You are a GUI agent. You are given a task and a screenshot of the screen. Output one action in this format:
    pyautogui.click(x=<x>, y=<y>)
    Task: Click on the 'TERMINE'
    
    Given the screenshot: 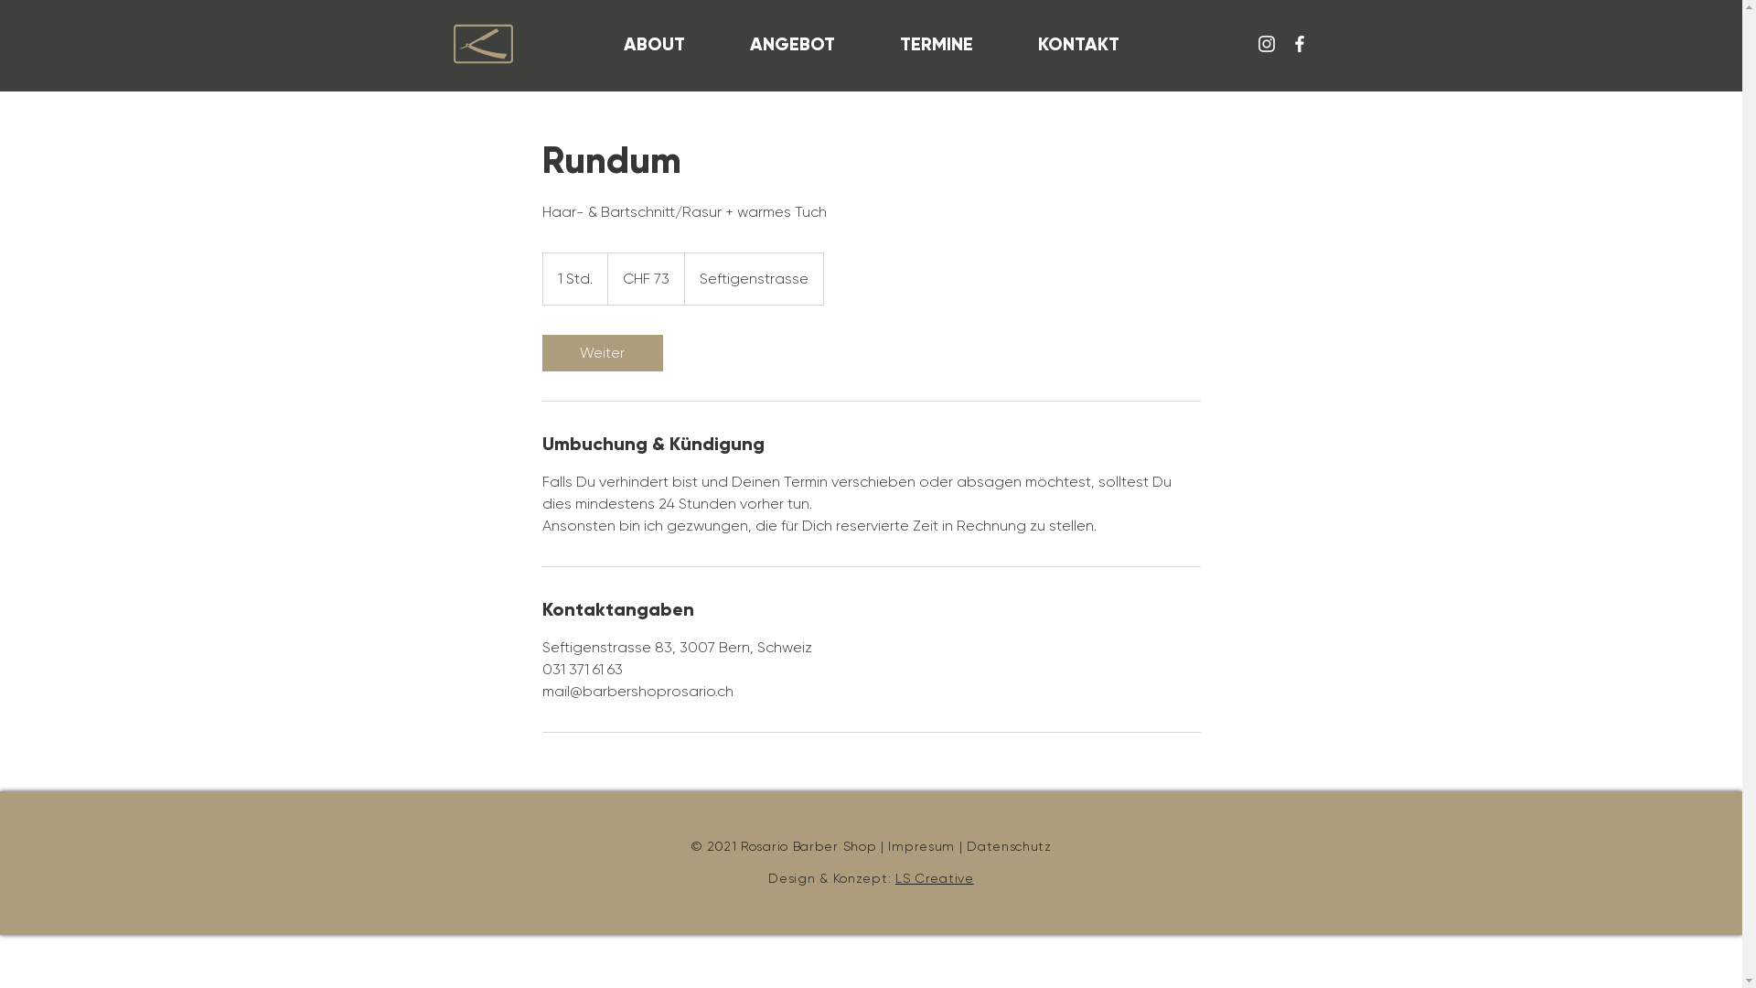 What is the action you would take?
    pyautogui.click(x=936, y=42)
    